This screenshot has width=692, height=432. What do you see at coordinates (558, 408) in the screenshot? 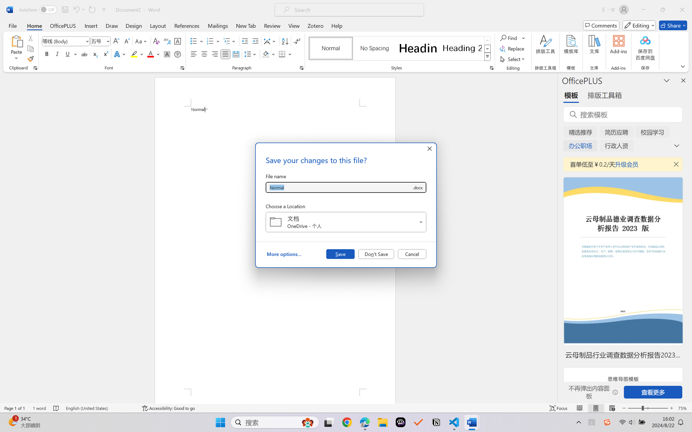
I see `'Focus '` at bounding box center [558, 408].